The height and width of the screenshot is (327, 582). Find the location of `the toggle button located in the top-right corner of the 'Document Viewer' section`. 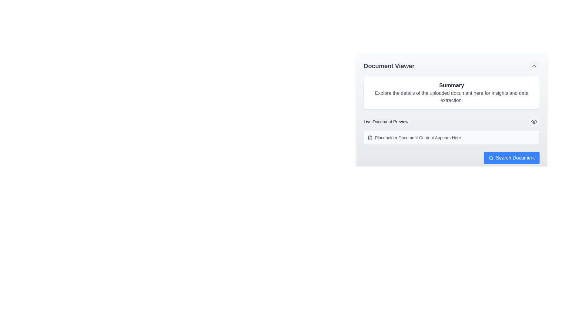

the toggle button located in the top-right corner of the 'Document Viewer' section is located at coordinates (534, 66).